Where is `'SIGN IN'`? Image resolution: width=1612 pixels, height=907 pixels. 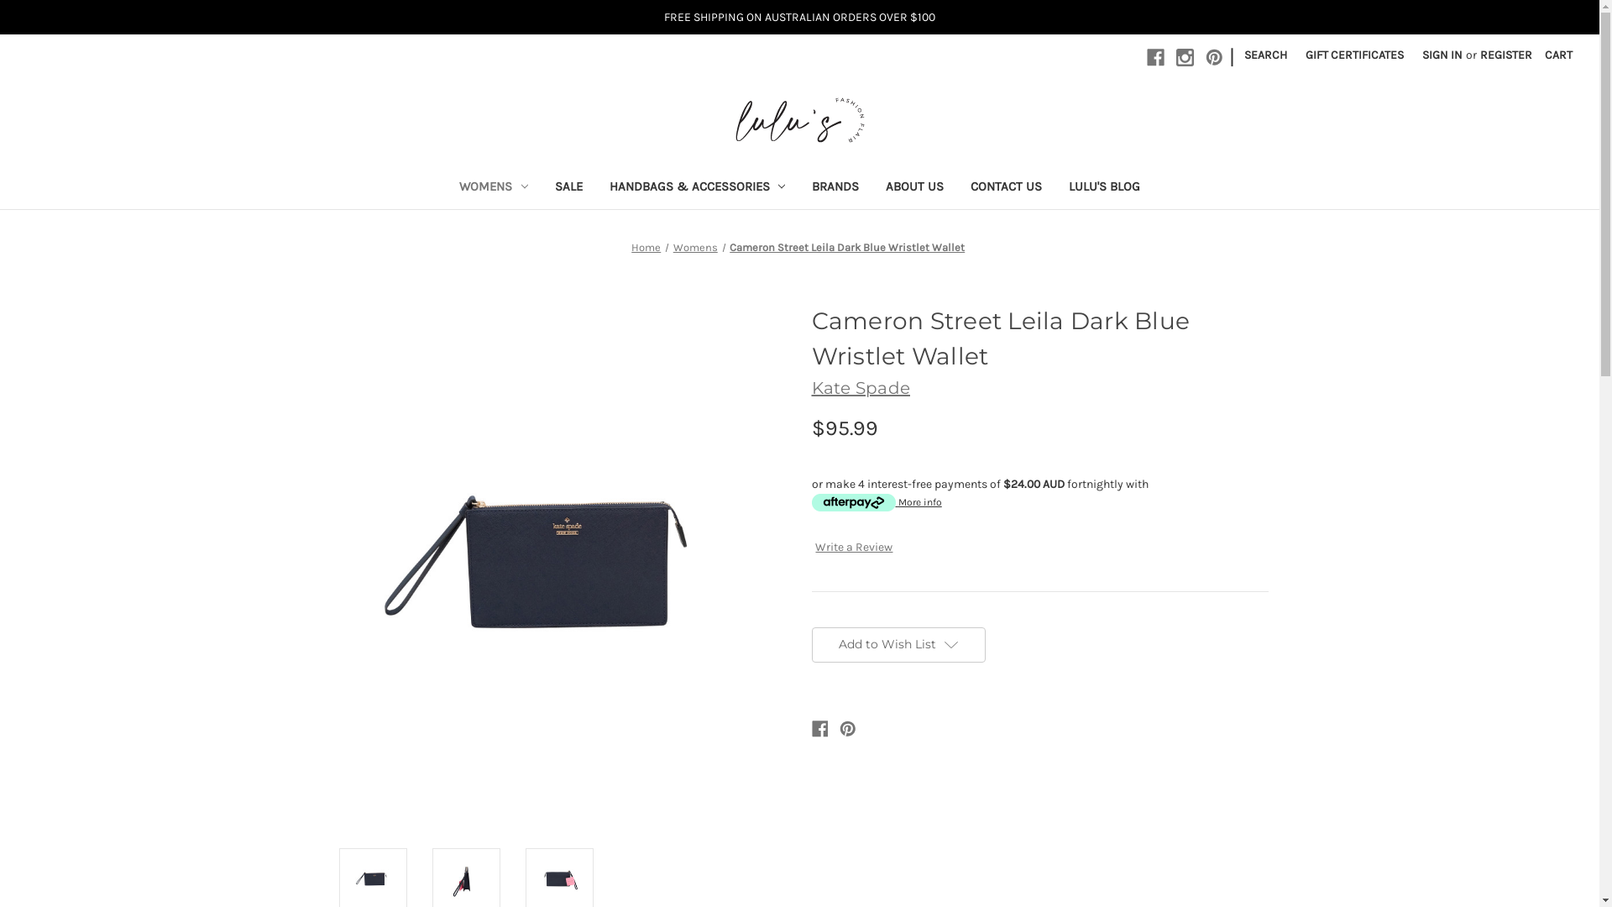
'SIGN IN' is located at coordinates (1442, 54).